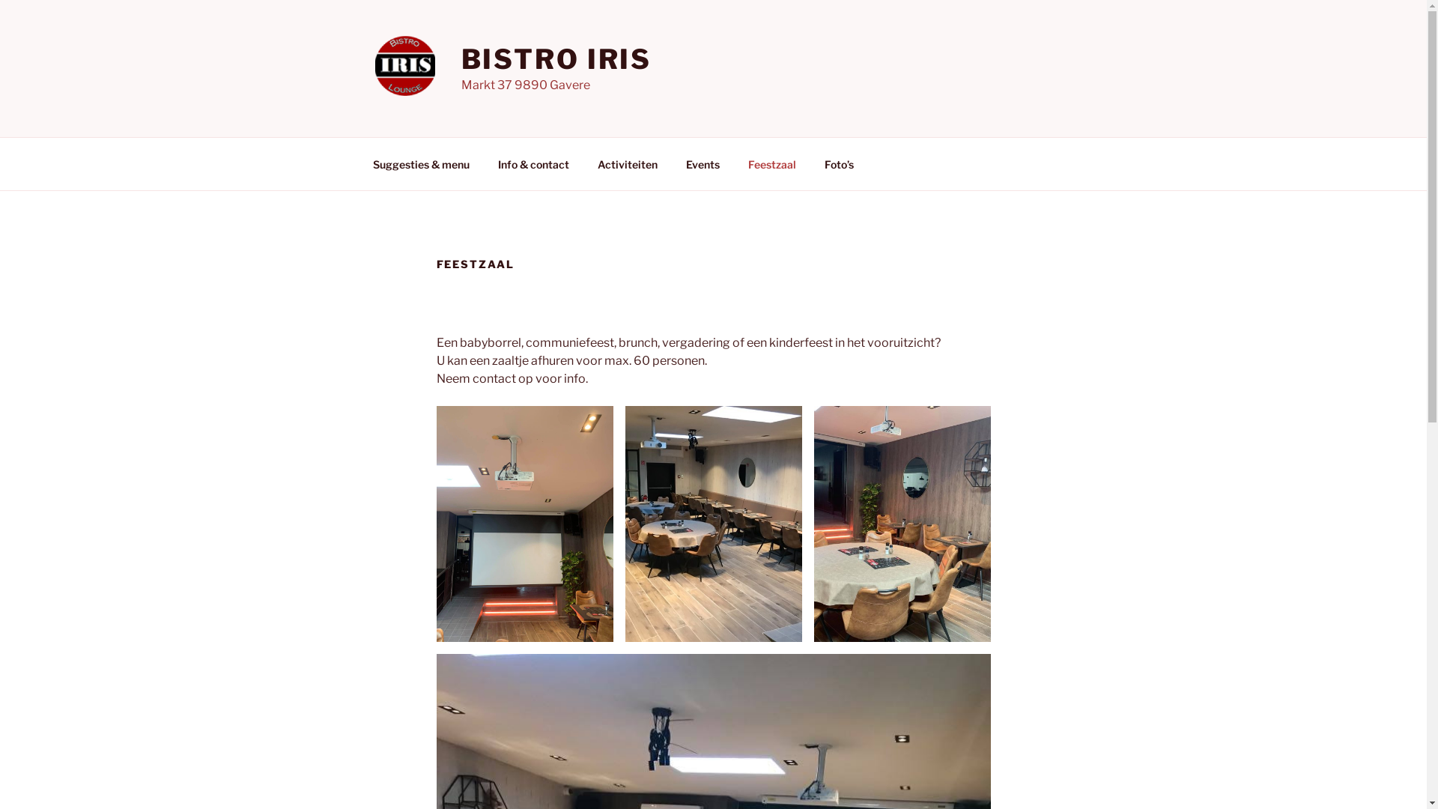 The image size is (1438, 809). Describe the element at coordinates (534, 163) in the screenshot. I see `'Info & contact'` at that location.